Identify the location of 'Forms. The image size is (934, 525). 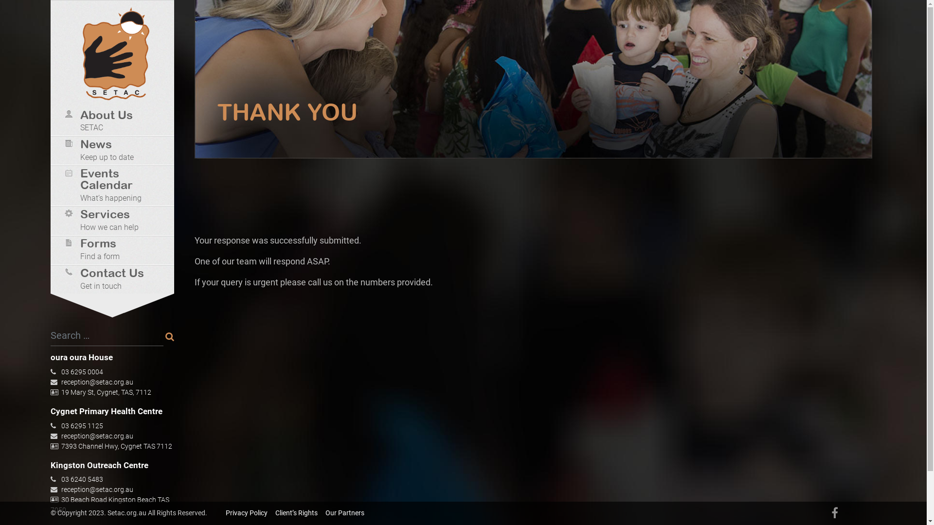
(62, 250).